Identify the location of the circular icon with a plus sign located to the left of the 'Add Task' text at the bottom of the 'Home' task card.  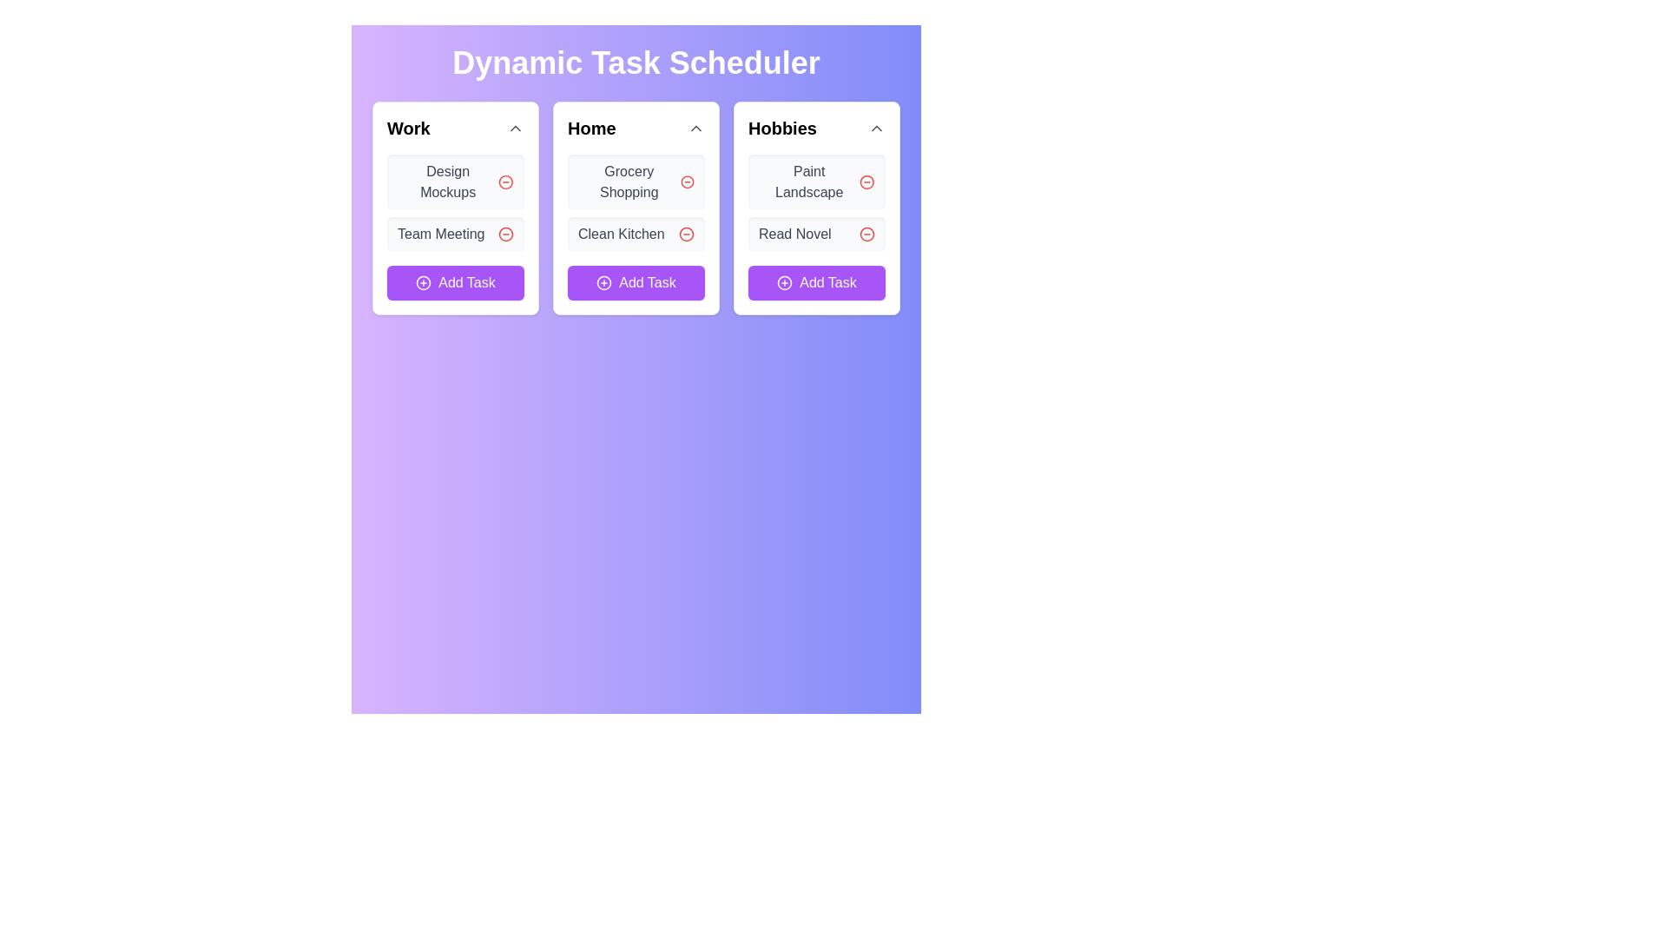
(604, 282).